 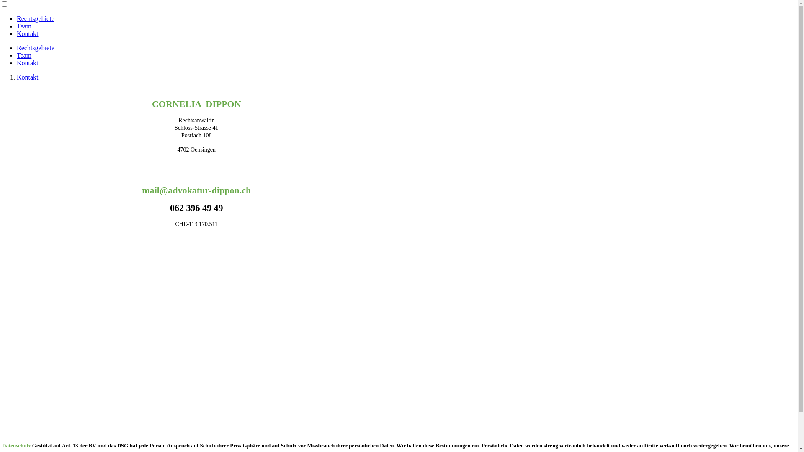 I want to click on 'Team', so click(x=24, y=26).